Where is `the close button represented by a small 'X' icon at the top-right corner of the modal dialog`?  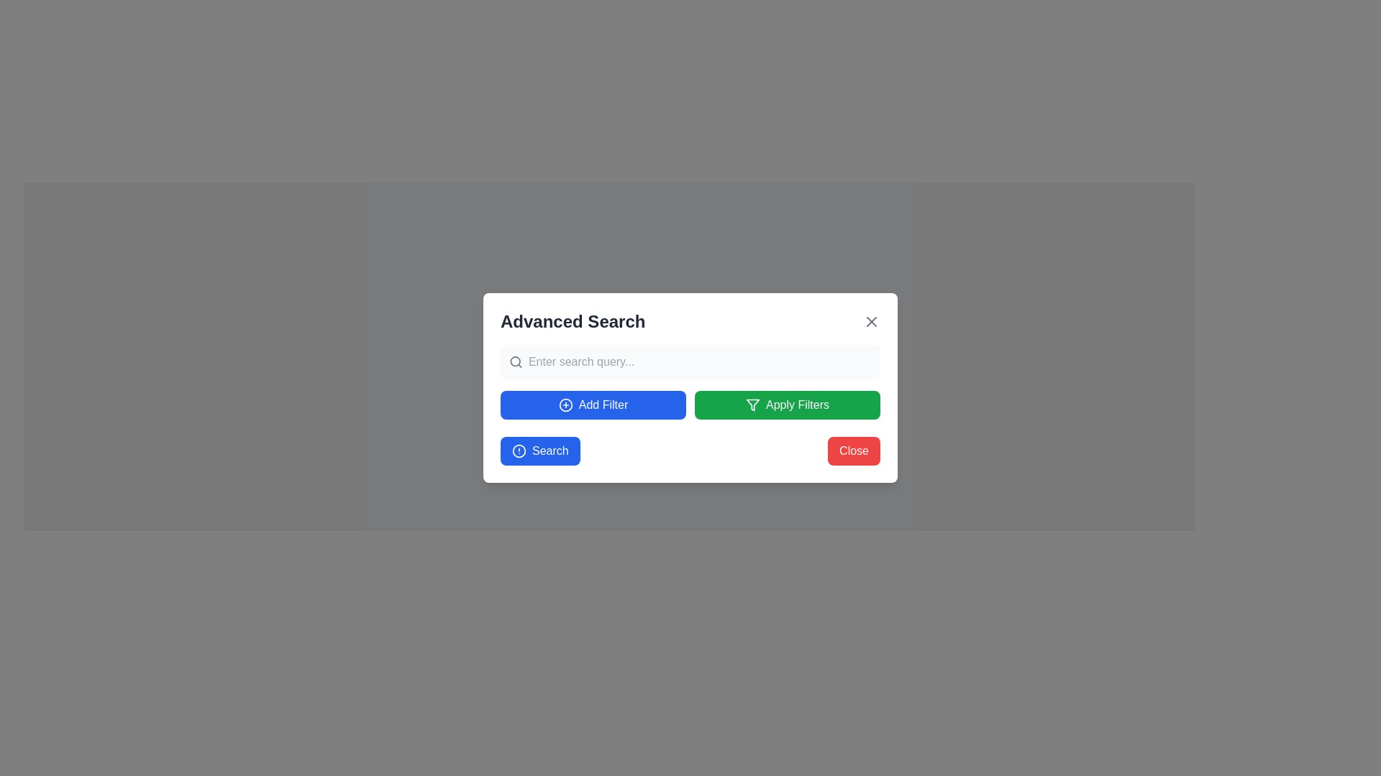
the close button represented by a small 'X' icon at the top-right corner of the modal dialog is located at coordinates (870, 320).